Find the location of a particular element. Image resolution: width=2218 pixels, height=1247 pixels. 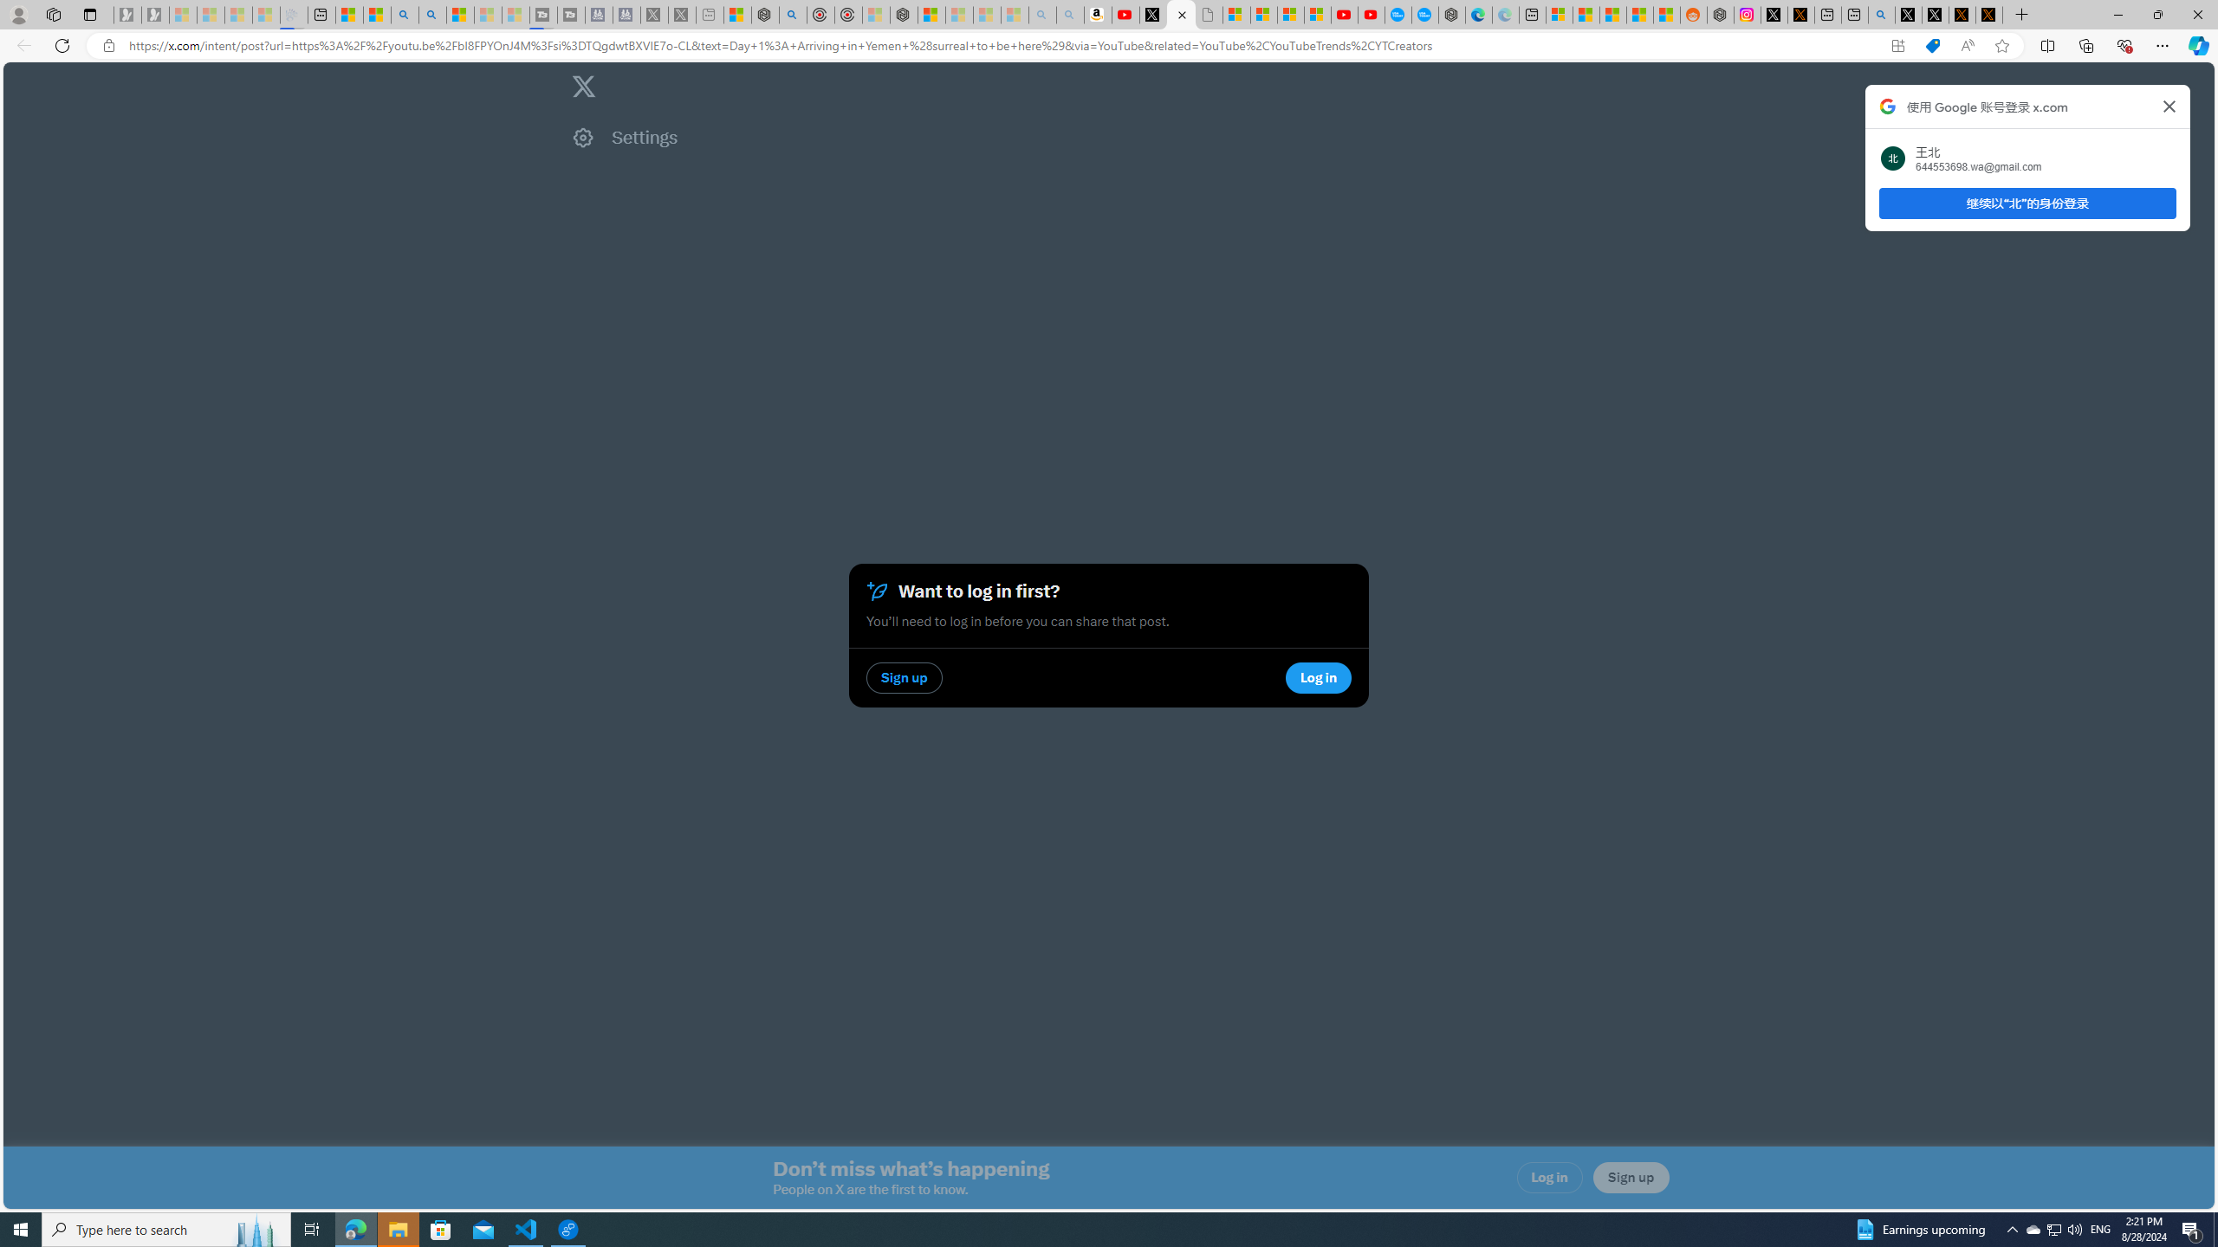

'Restore' is located at coordinates (2157, 14).